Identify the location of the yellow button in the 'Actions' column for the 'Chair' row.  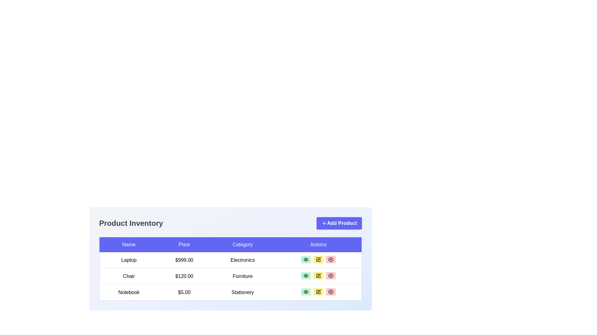
(318, 276).